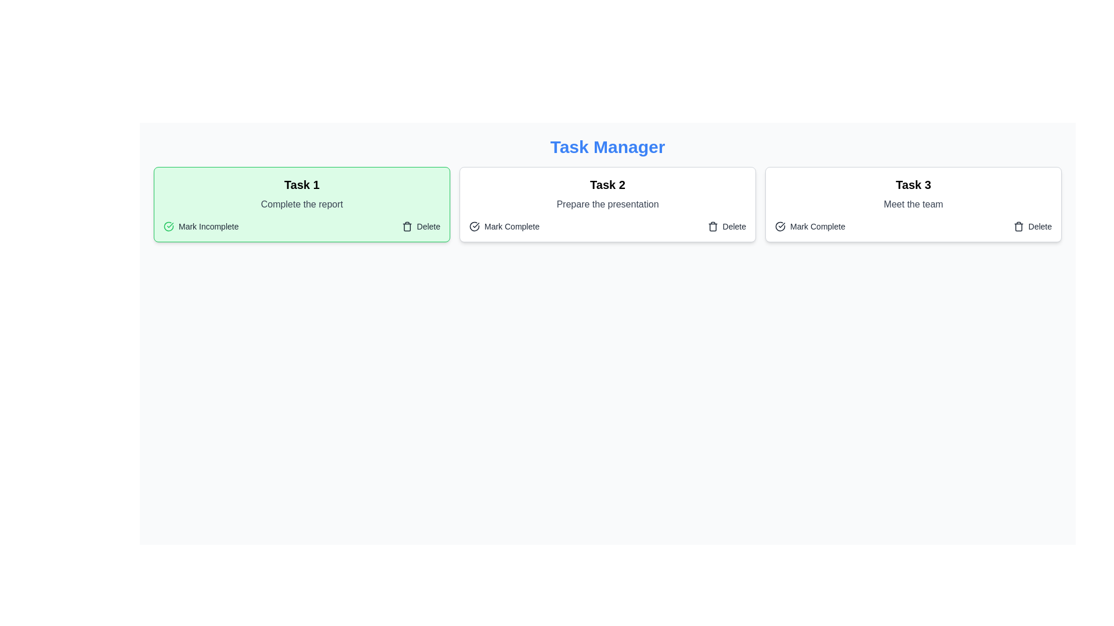 The height and width of the screenshot is (626, 1114). I want to click on the delete button associated with 'Task 3', so click(1032, 226).